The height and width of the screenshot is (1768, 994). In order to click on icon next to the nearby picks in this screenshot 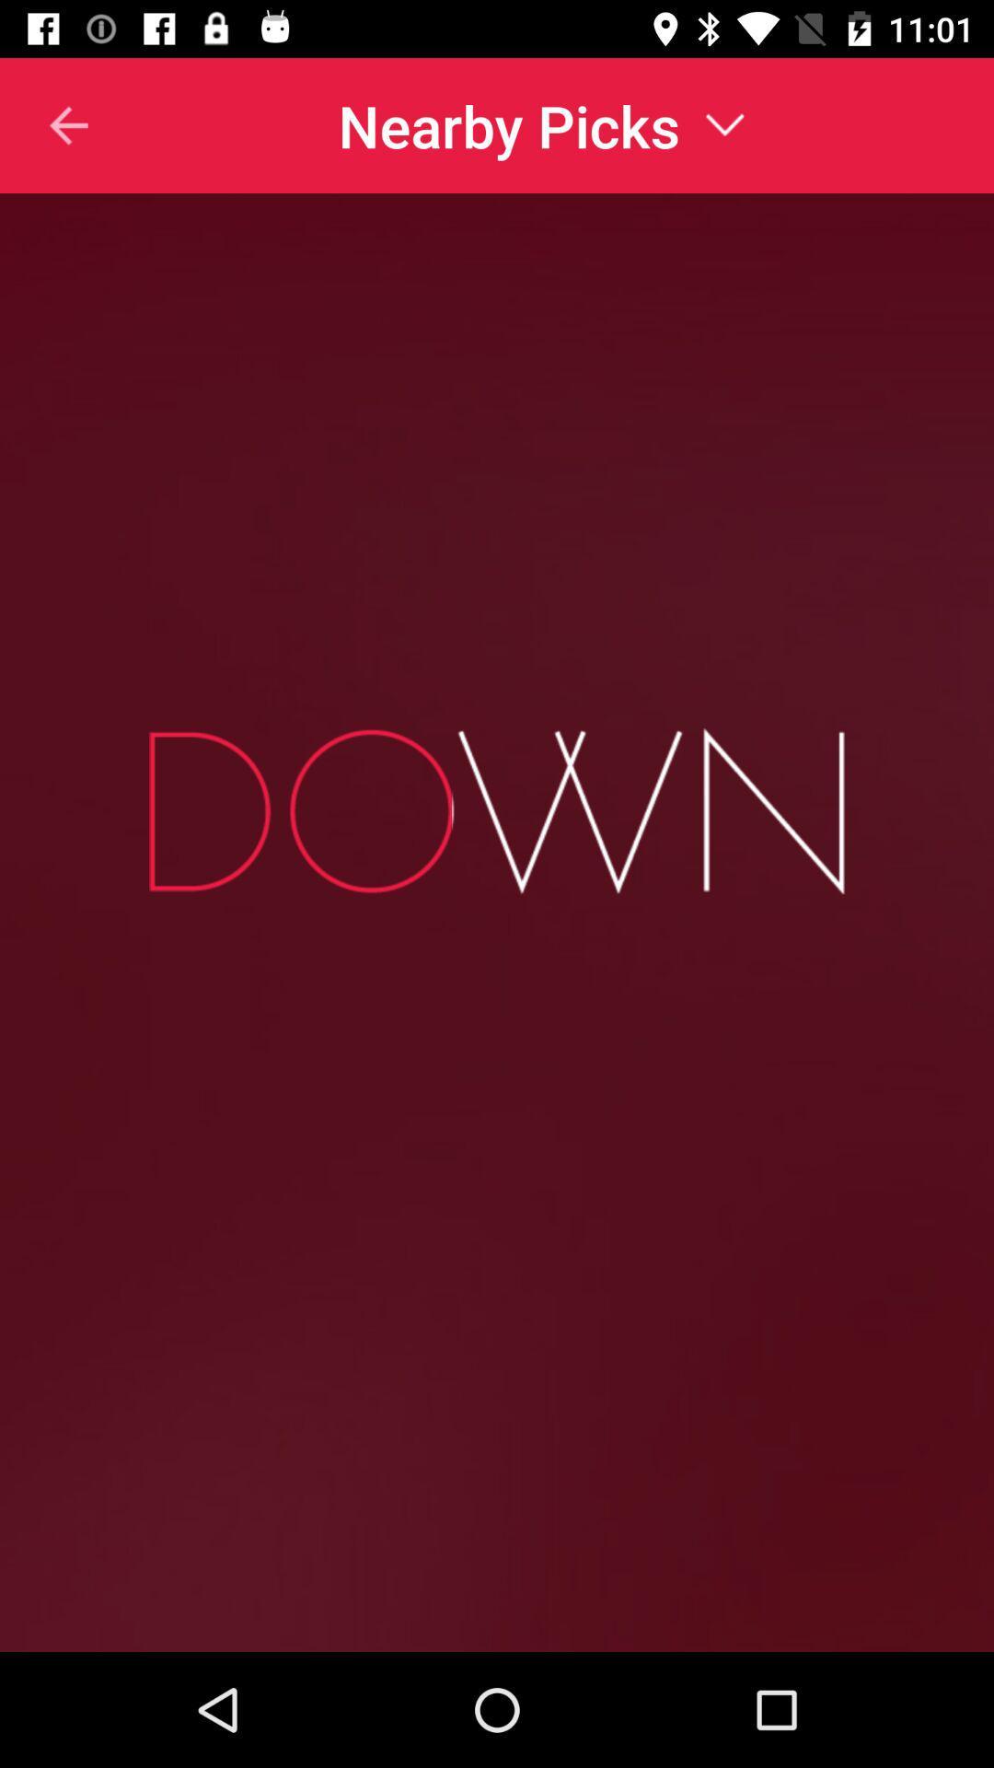, I will do `click(44, 124)`.